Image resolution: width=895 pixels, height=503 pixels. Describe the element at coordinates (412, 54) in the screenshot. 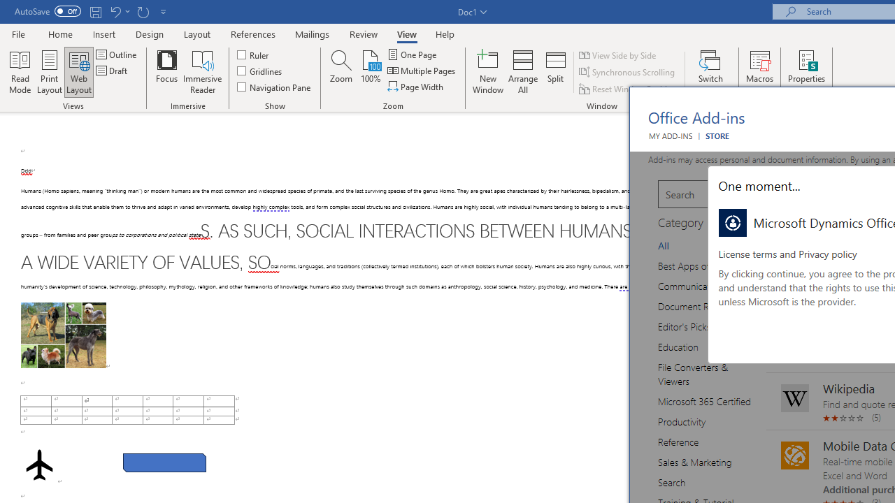

I see `'One Page'` at that location.